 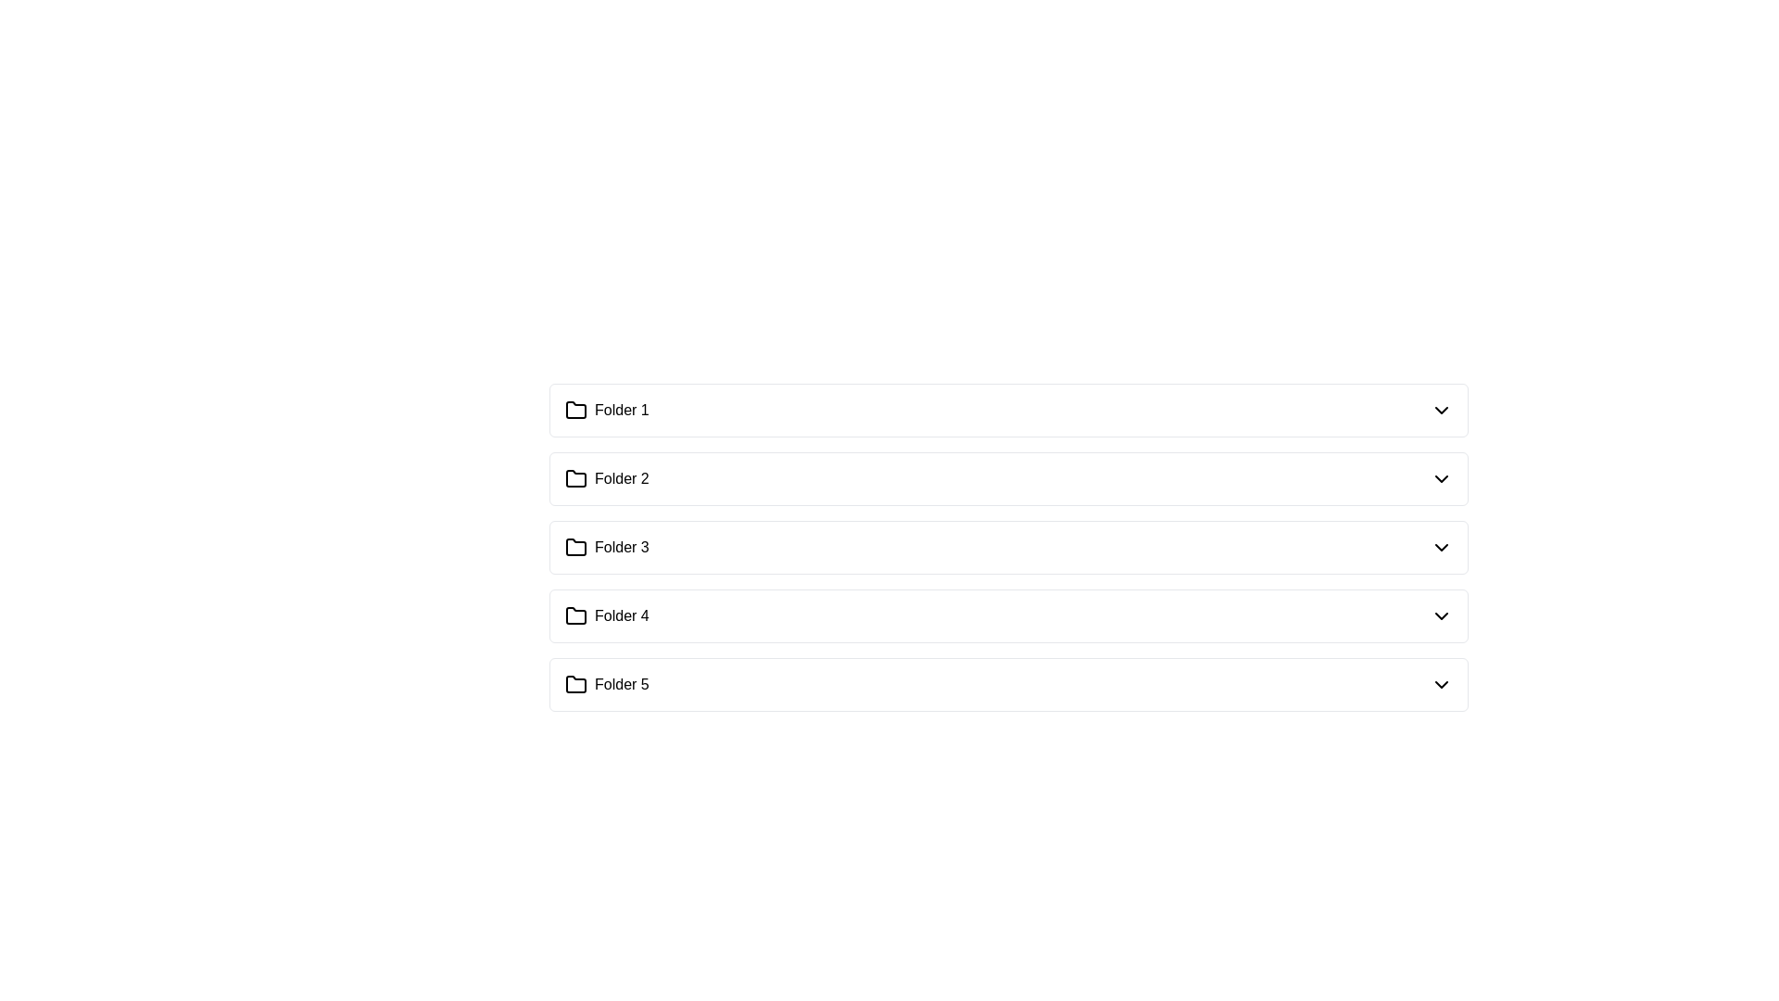 What do you see at coordinates (1440, 615) in the screenshot?
I see `the downward-facing chevron icon located to the far right of the row labeled 'Folder 4'` at bounding box center [1440, 615].